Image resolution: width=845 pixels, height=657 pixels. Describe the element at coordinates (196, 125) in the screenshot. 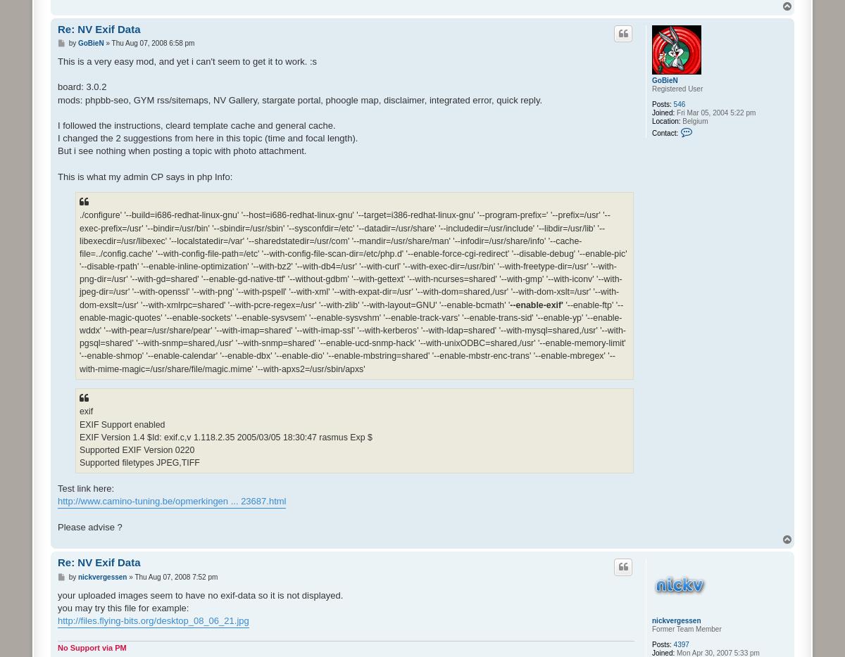

I see `'I followed the instructions, cleard template cache and general cache.'` at that location.